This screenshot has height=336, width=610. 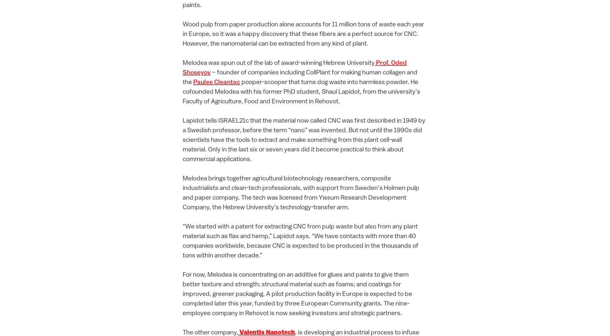 What do you see at coordinates (217, 82) in the screenshot?
I see `'Paulee Cleantec'` at bounding box center [217, 82].